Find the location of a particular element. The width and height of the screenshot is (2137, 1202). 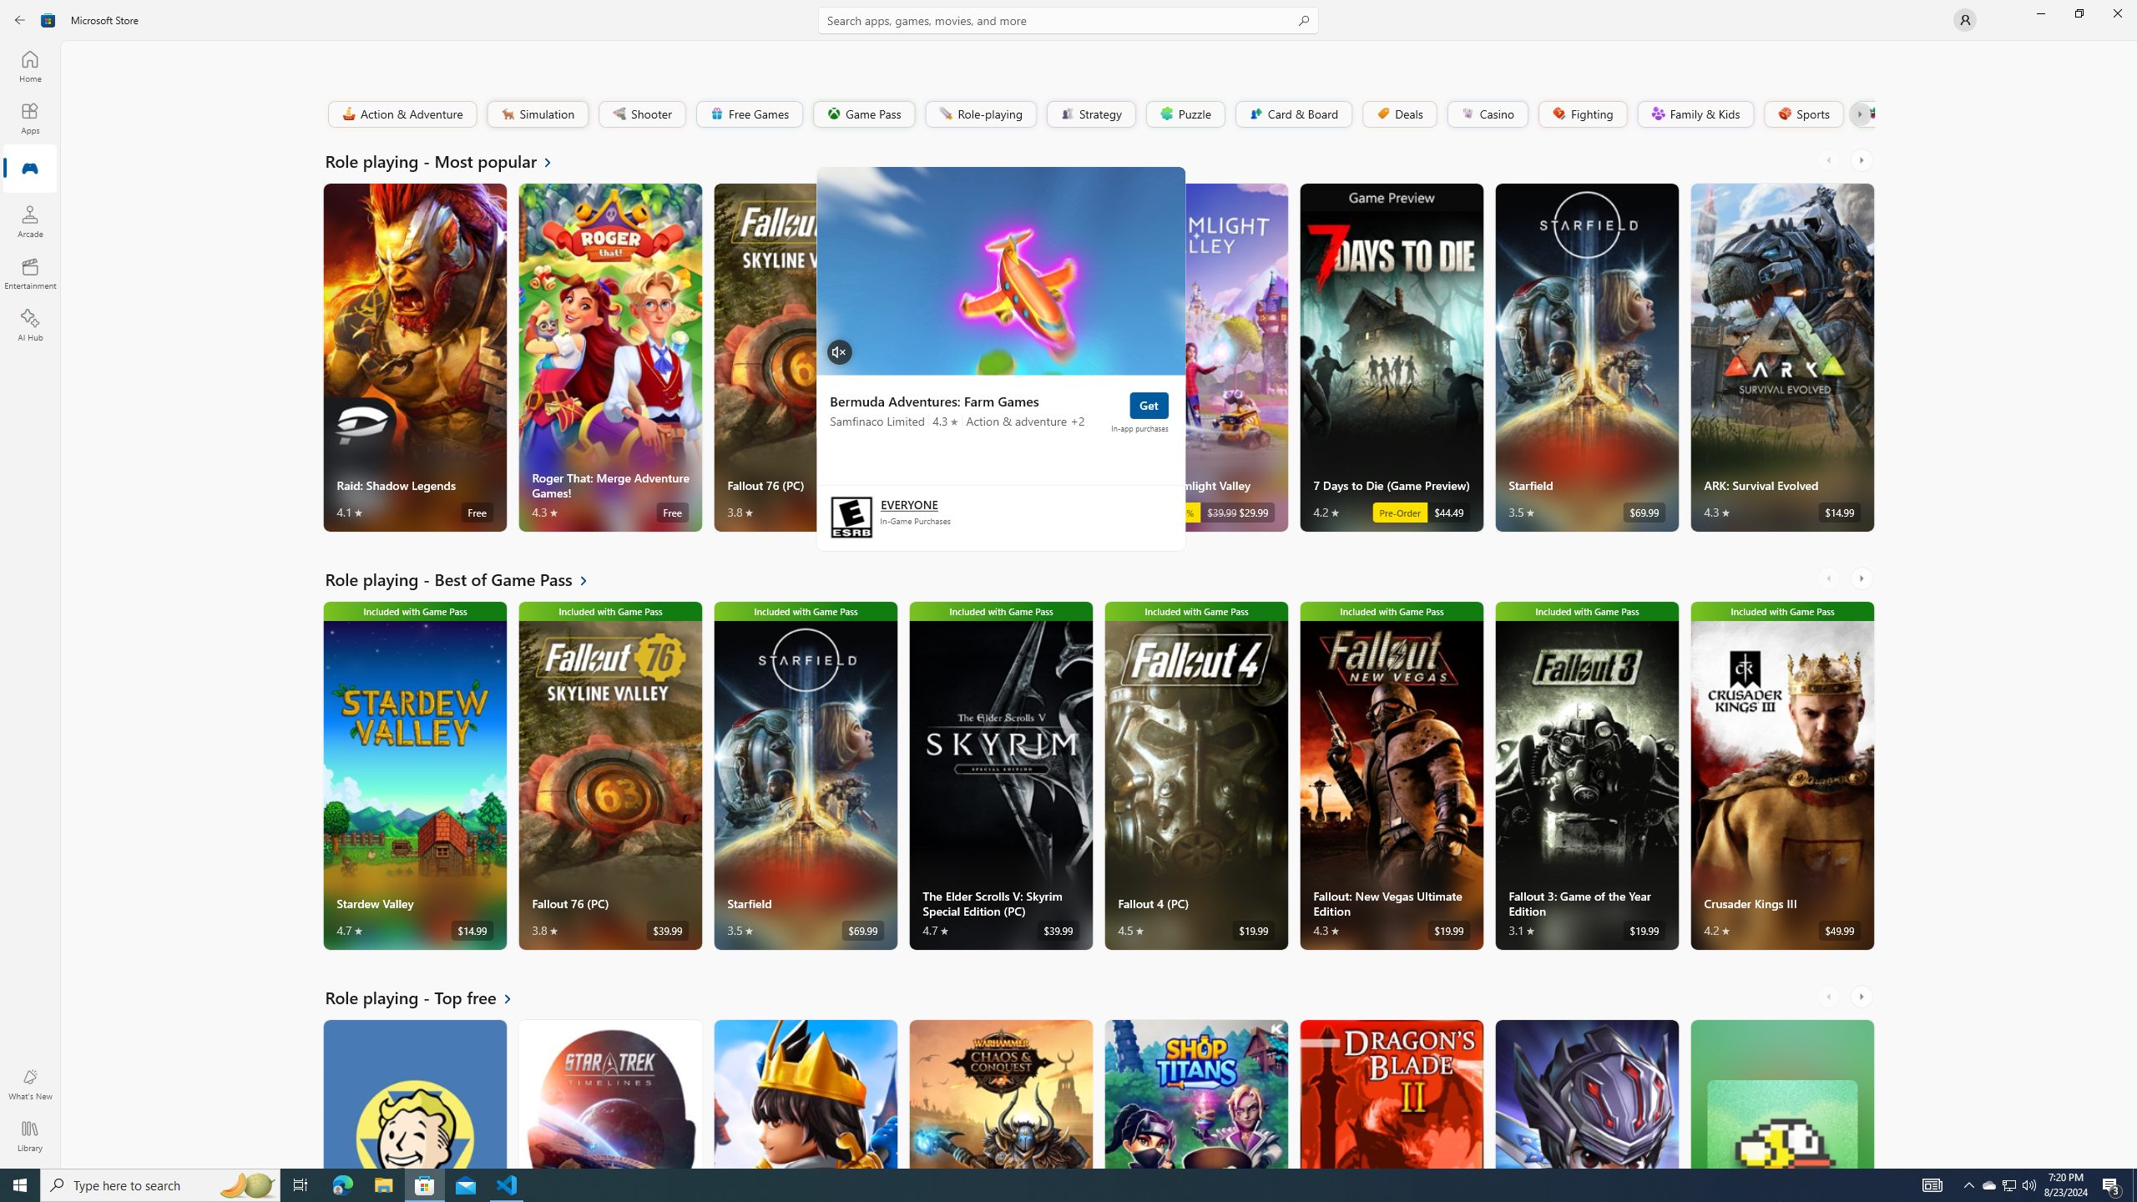

'Arcade' is located at coordinates (28, 220).